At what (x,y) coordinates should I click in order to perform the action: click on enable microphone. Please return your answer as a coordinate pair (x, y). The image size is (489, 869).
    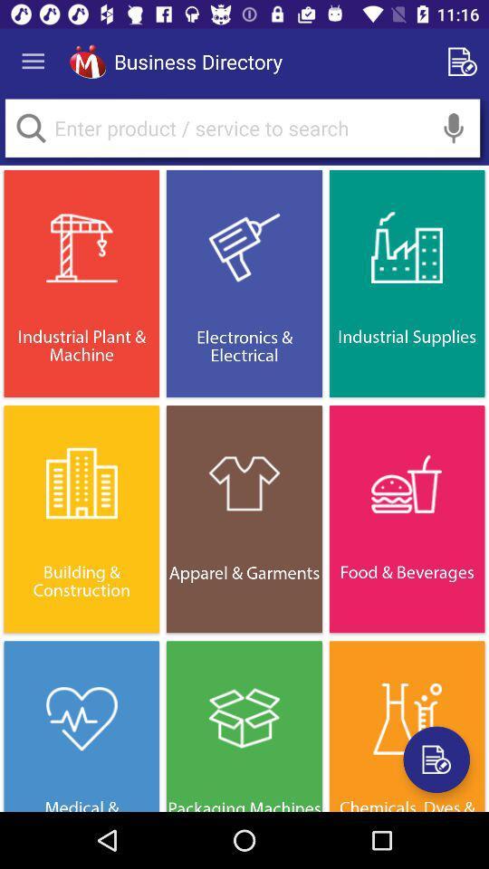
    Looking at the image, I should click on (453, 127).